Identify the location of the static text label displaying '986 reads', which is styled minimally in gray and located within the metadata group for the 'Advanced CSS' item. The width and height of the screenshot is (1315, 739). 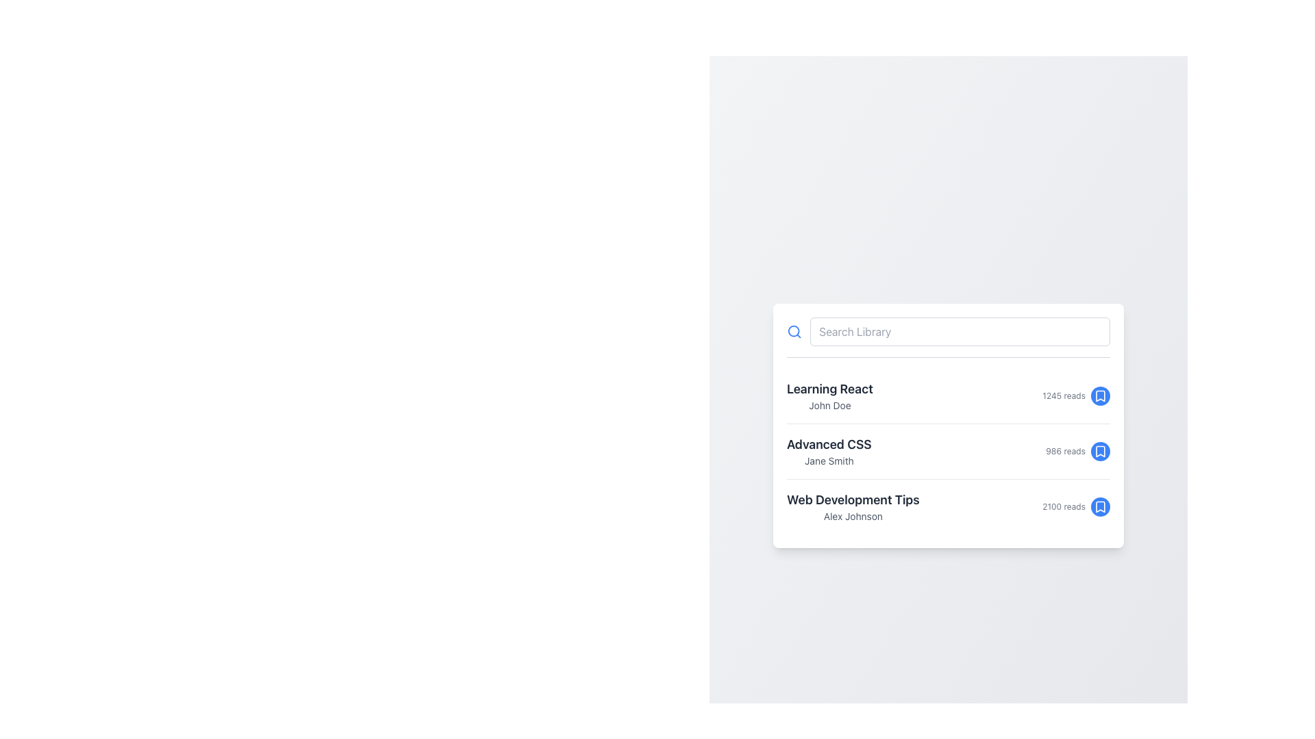
(1065, 451).